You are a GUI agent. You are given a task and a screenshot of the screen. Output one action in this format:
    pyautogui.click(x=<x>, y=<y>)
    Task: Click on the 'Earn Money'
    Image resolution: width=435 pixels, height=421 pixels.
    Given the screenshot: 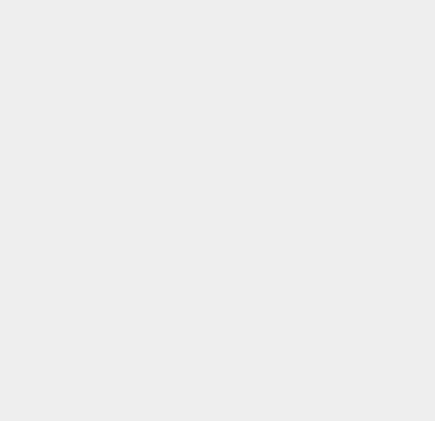 What is the action you would take?
    pyautogui.click(x=322, y=267)
    